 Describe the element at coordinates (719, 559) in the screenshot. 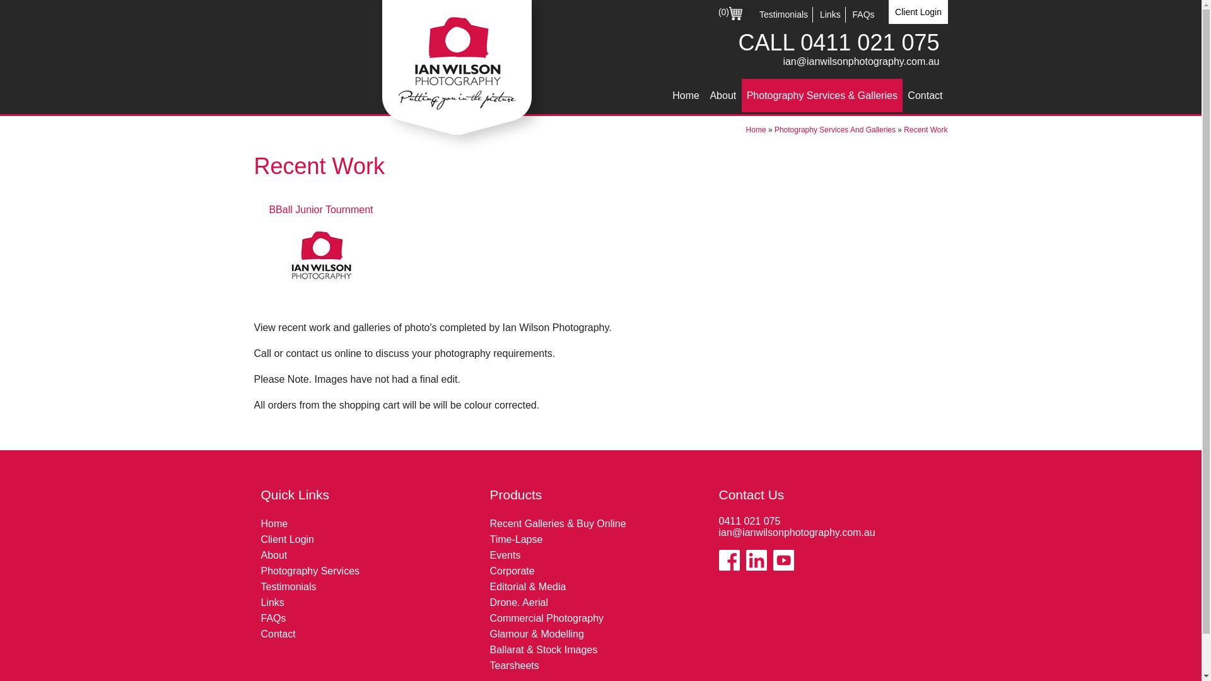

I see `'Like us on Facebook'` at that location.